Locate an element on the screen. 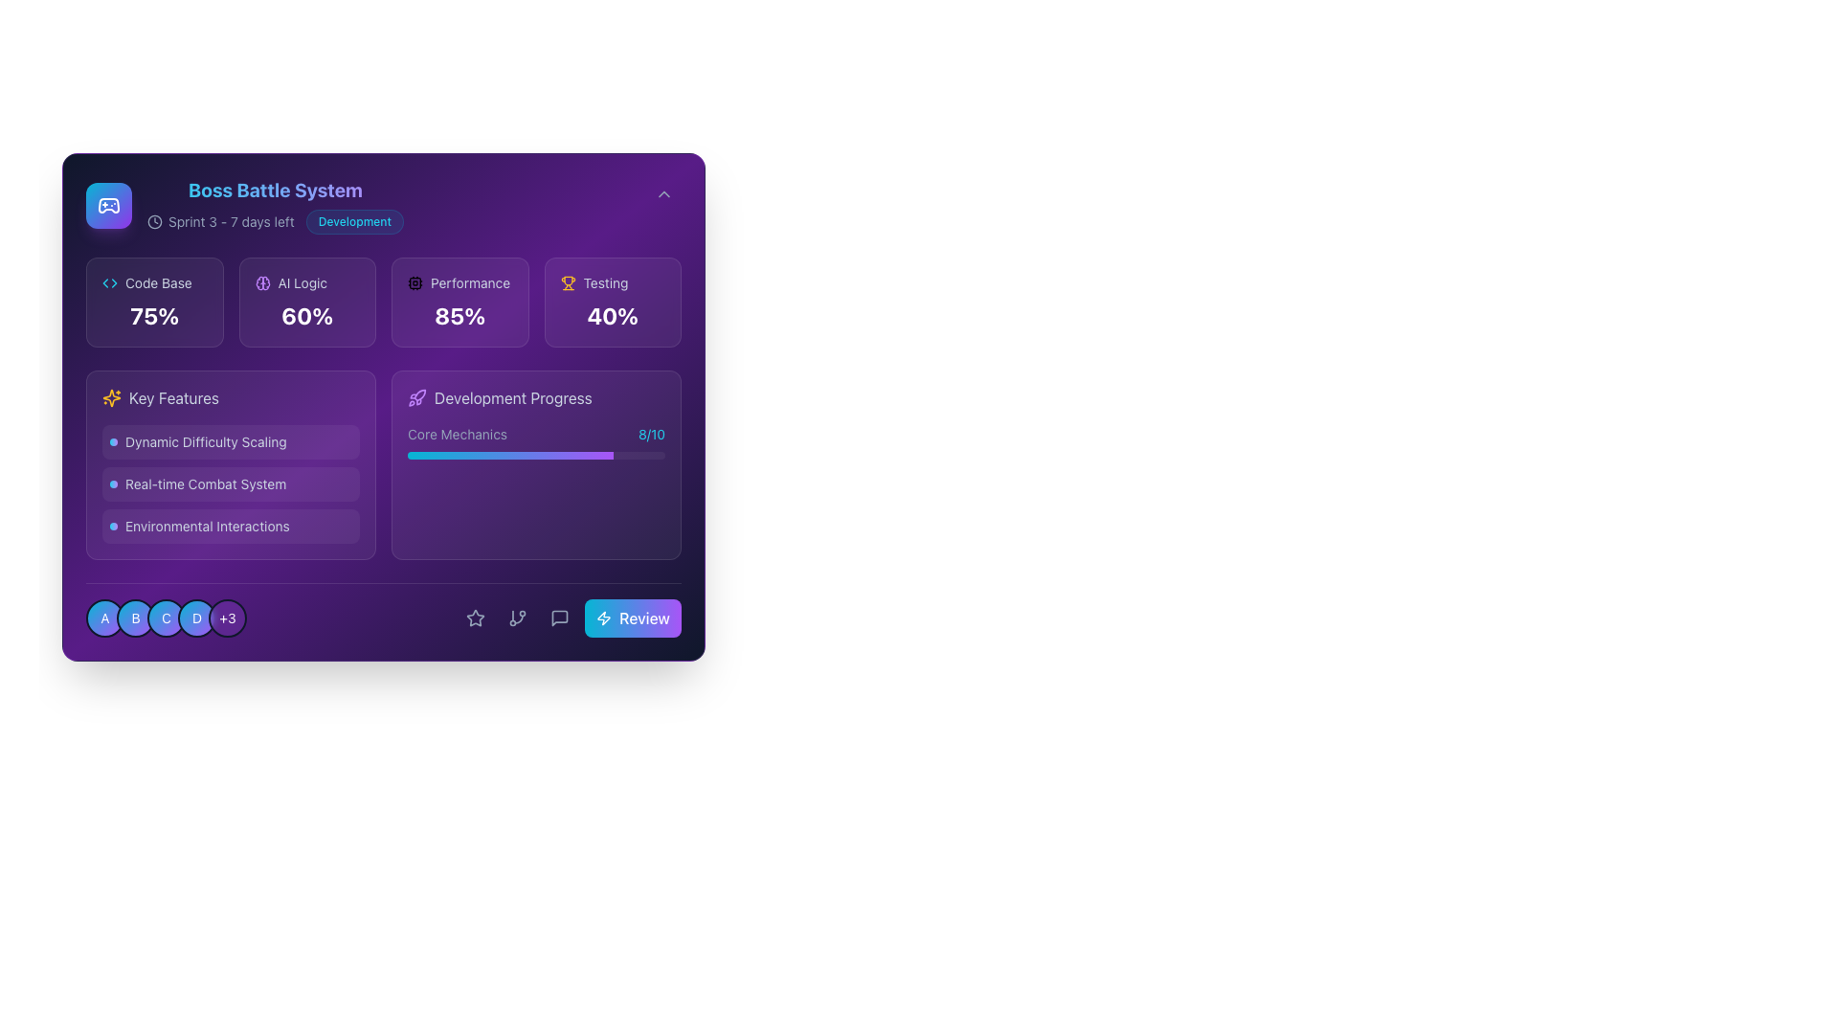 The image size is (1838, 1034). the informational display element labeled 'Testing' located in the top-right corner of the card, which is grouped with another text element showing '40%' is located at coordinates (613, 283).